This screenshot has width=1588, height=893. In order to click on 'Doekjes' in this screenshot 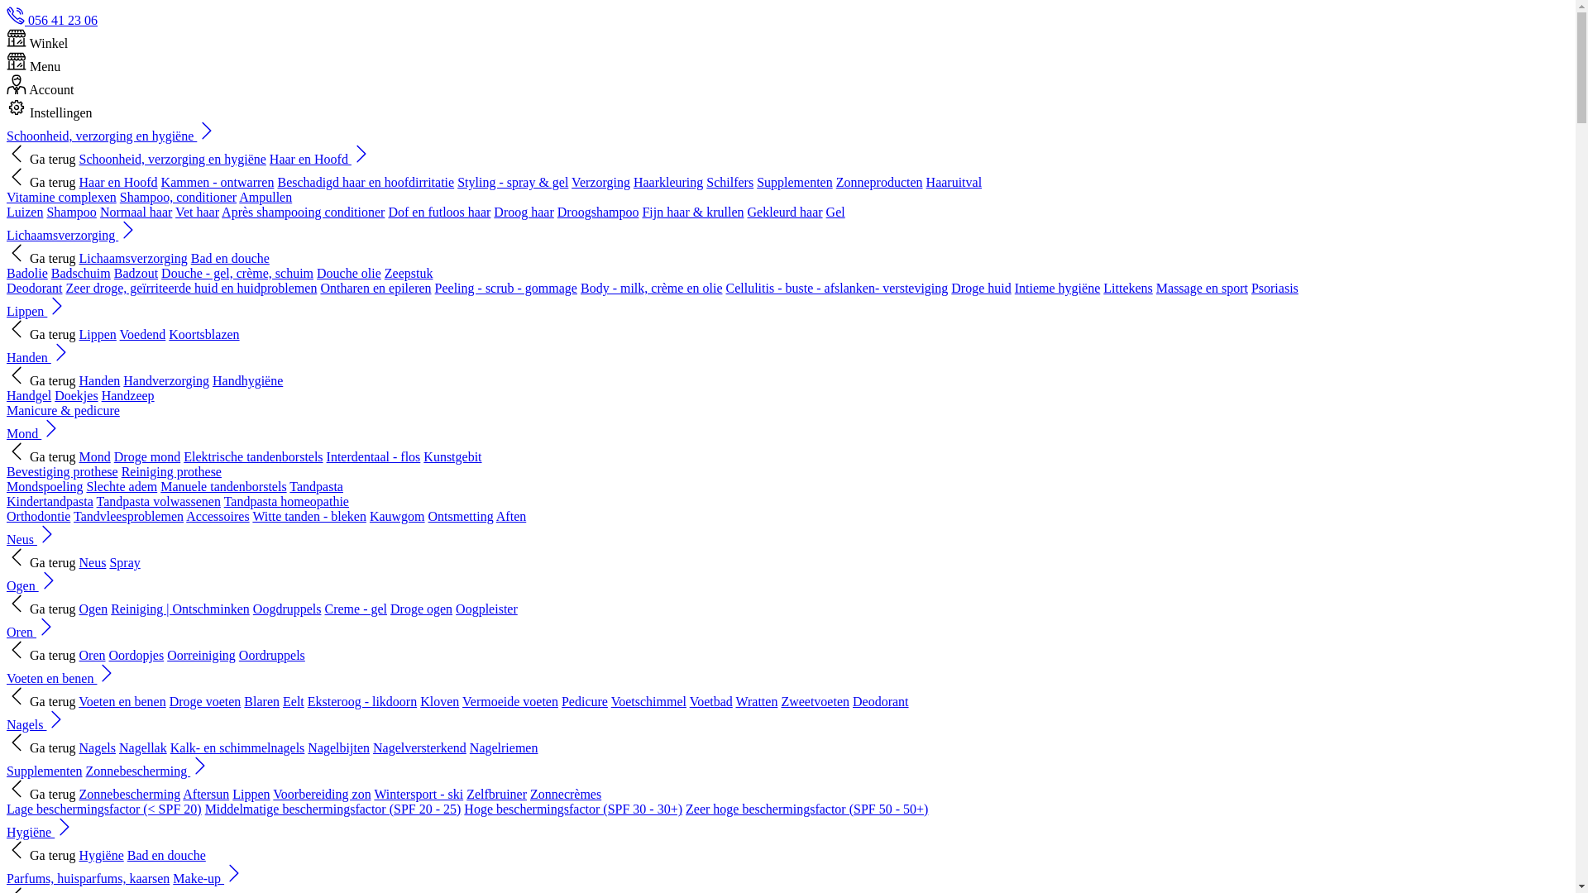, I will do `click(74, 395)`.